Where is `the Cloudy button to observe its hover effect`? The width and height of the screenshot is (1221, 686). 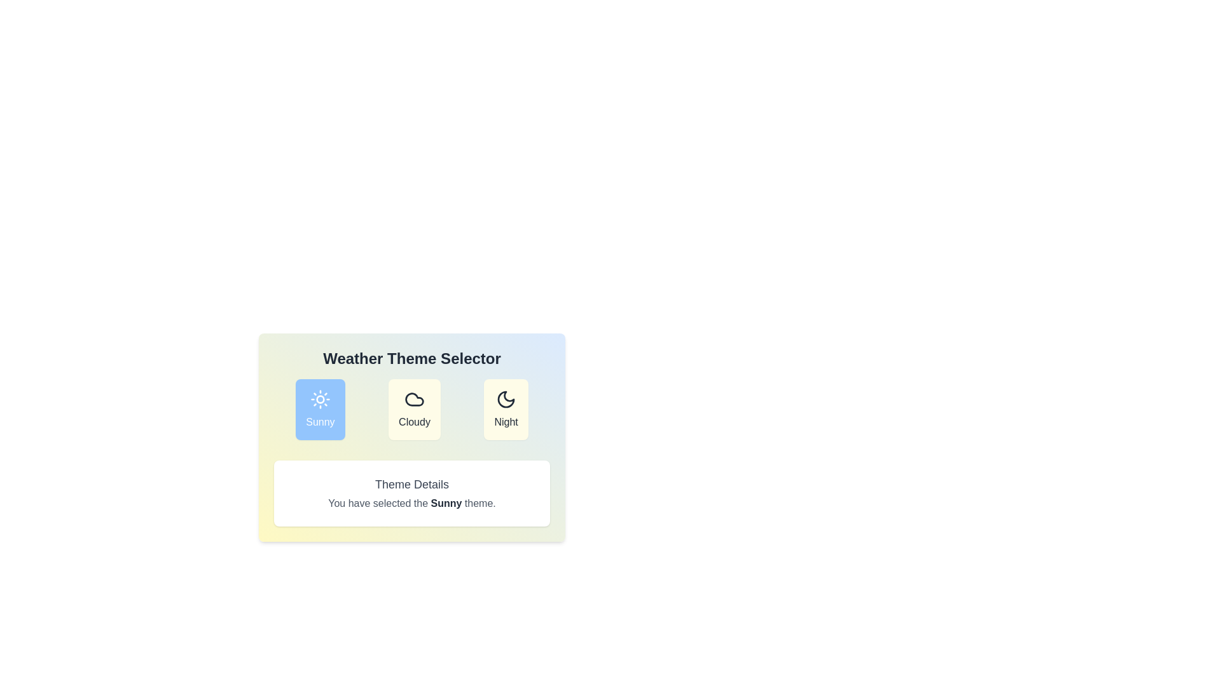 the Cloudy button to observe its hover effect is located at coordinates (415, 409).